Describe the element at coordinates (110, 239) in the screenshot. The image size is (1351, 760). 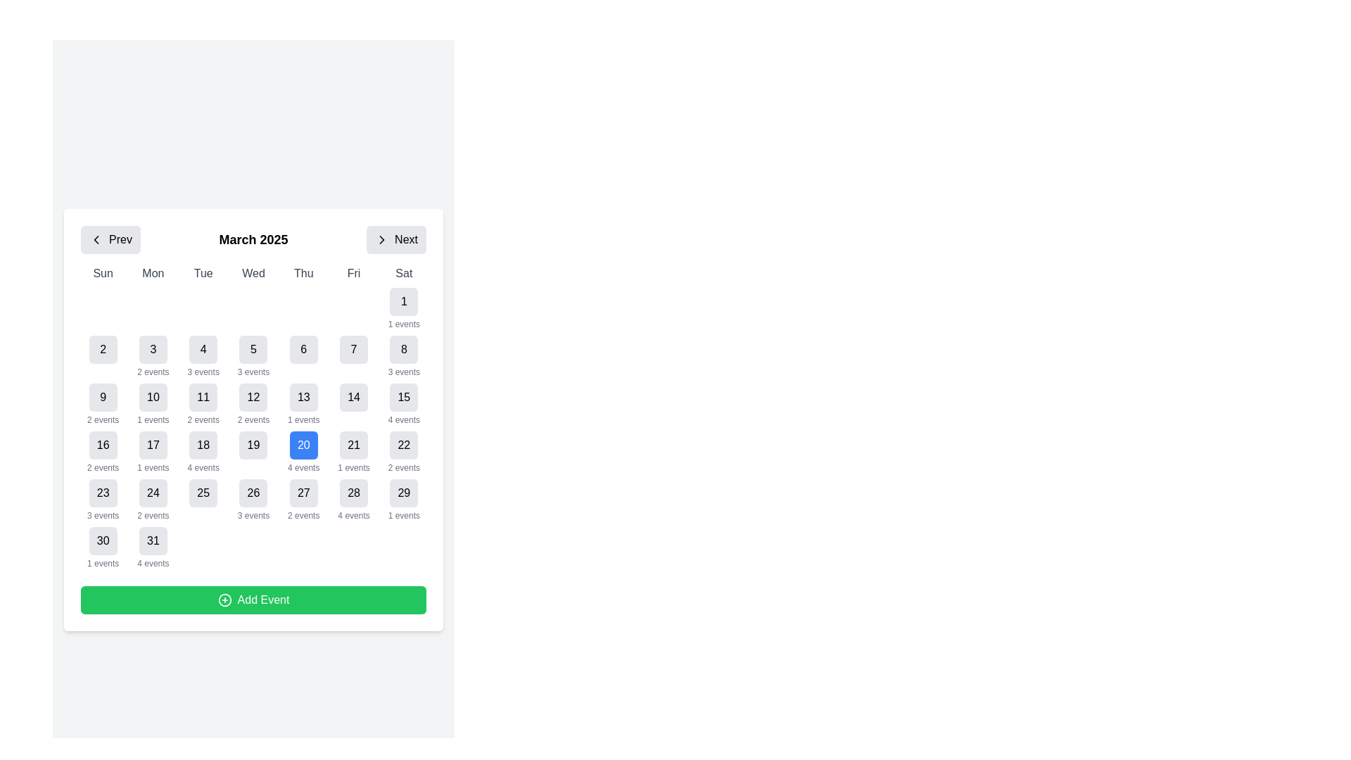
I see `the 'Prev' button with a light gray background and a left-facing chevron icon` at that location.